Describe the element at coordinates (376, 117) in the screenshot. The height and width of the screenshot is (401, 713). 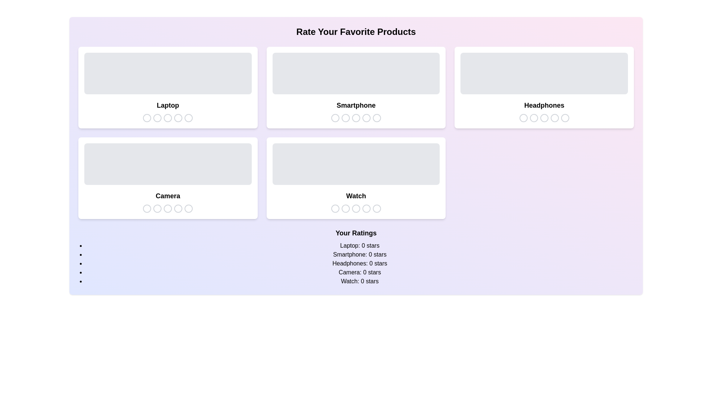
I see `the star icon corresponding to 5 stars for the product Smartphone` at that location.